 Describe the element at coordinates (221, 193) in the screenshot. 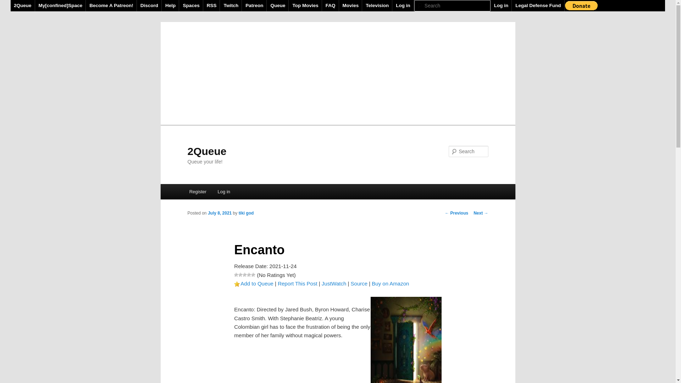

I see `'Skip to primary content'` at that location.